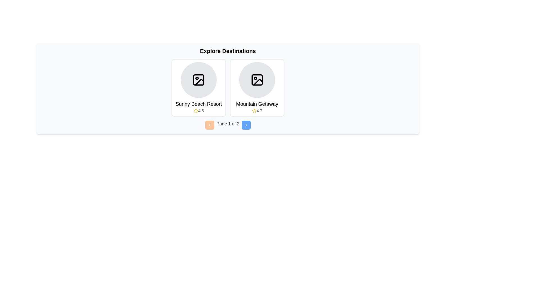 Image resolution: width=539 pixels, height=303 pixels. I want to click on the decorative rectangle within the icon of the leftmost card labeled 'Sunny Beach Resort', which is positioned above the text and star rating, so click(199, 80).